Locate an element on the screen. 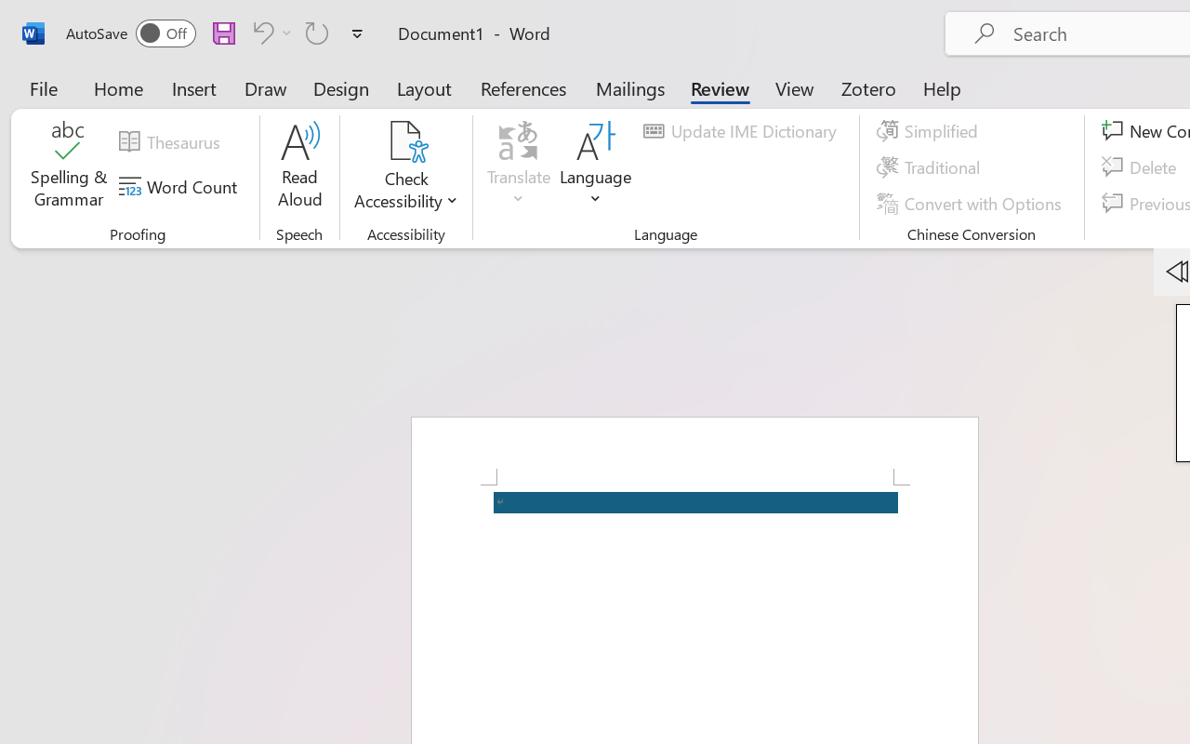 This screenshot has height=744, width=1190. 'Check Accessibility' is located at coordinates (405, 140).